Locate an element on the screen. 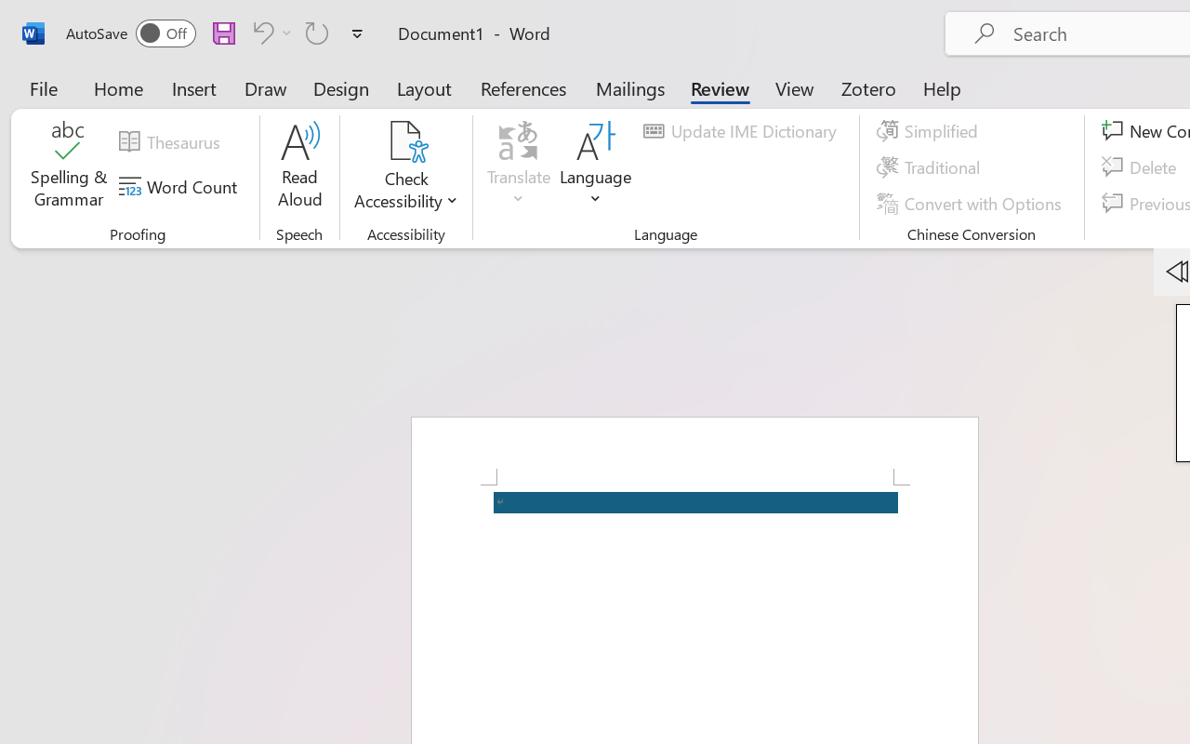 This screenshot has height=744, width=1190. 'Check Accessibility' is located at coordinates (405, 140).